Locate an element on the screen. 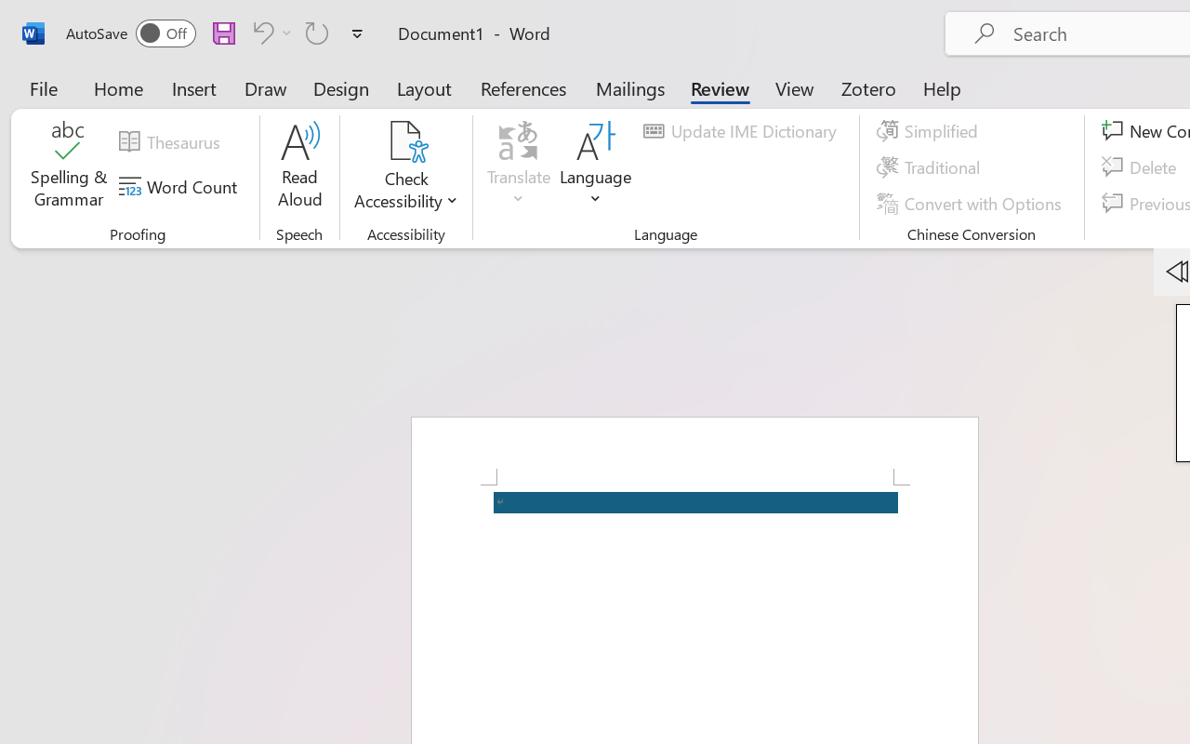 This screenshot has height=744, width=1190. 'Check Accessibility' is located at coordinates (405, 140).